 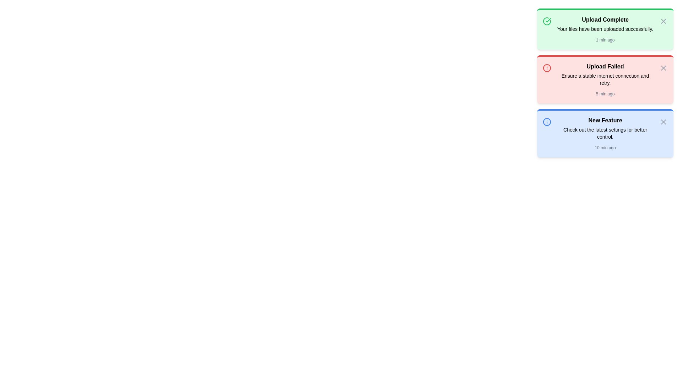 What do you see at coordinates (663, 21) in the screenshot?
I see `the circular 'X' (close) icon button located at the top-right corner of the 'Upload Complete' notification card to change its color` at bounding box center [663, 21].